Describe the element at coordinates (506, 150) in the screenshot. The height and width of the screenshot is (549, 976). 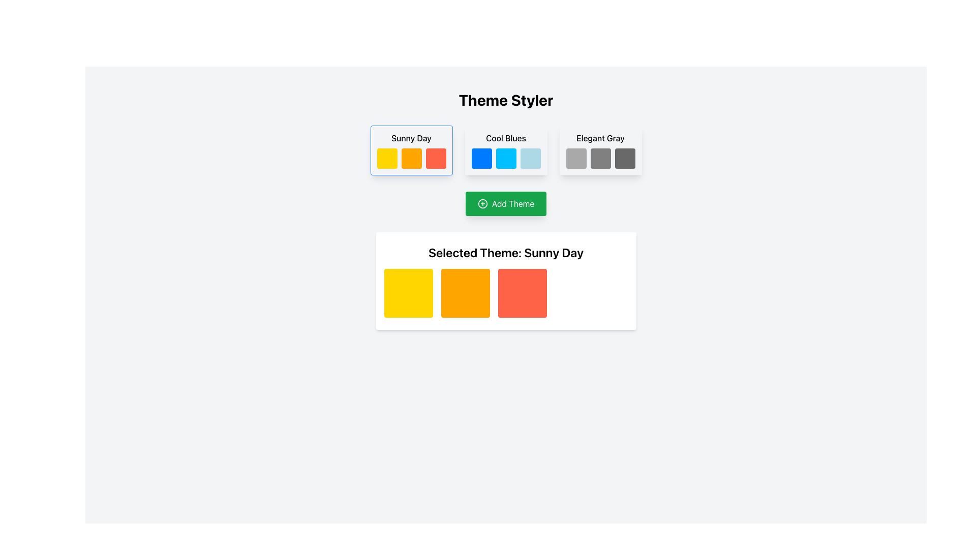
I see `the 'Cool Blues' theme button located in the 'Theme Styler' section` at that location.